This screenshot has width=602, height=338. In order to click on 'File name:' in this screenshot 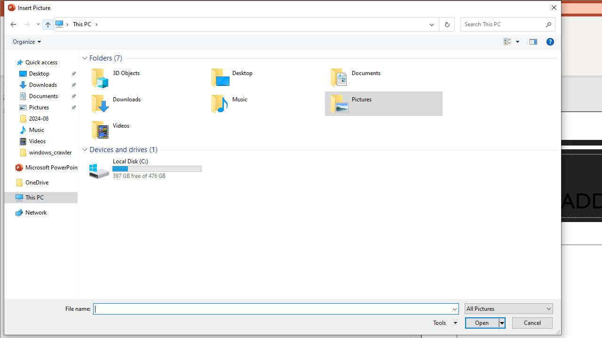, I will do `click(272, 309)`.